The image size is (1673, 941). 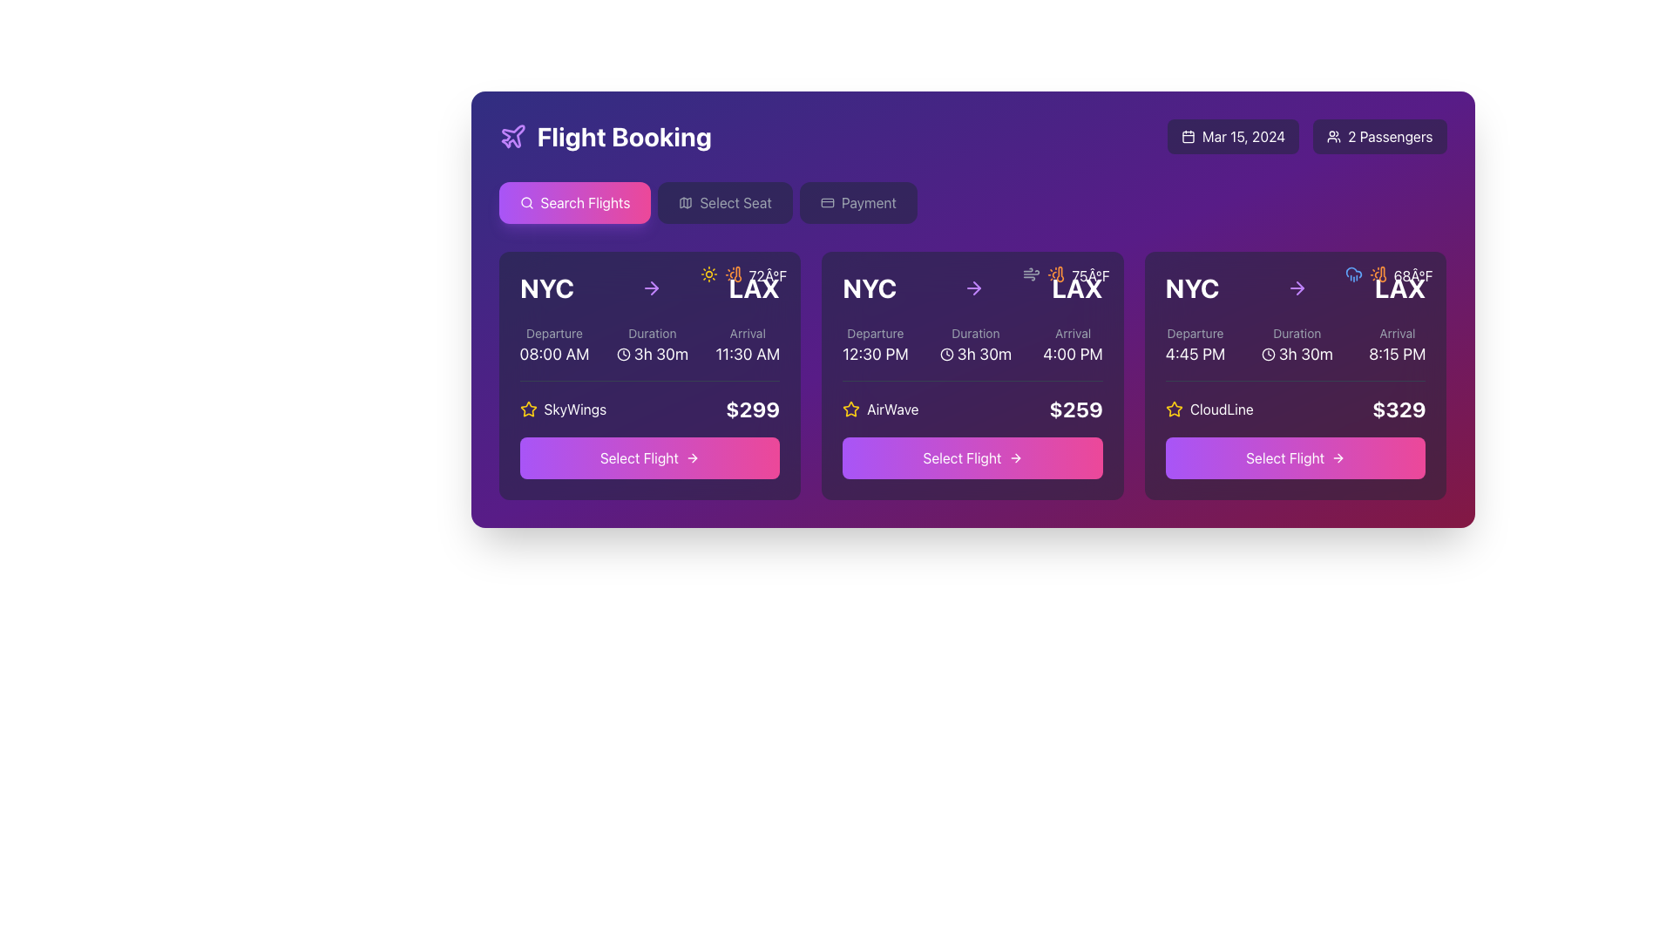 What do you see at coordinates (1377, 274) in the screenshot?
I see `the weather conditions icon that represents temperature and sunny conditions, located to the right of the departure and arrival times, above the temperature text in the flight card` at bounding box center [1377, 274].